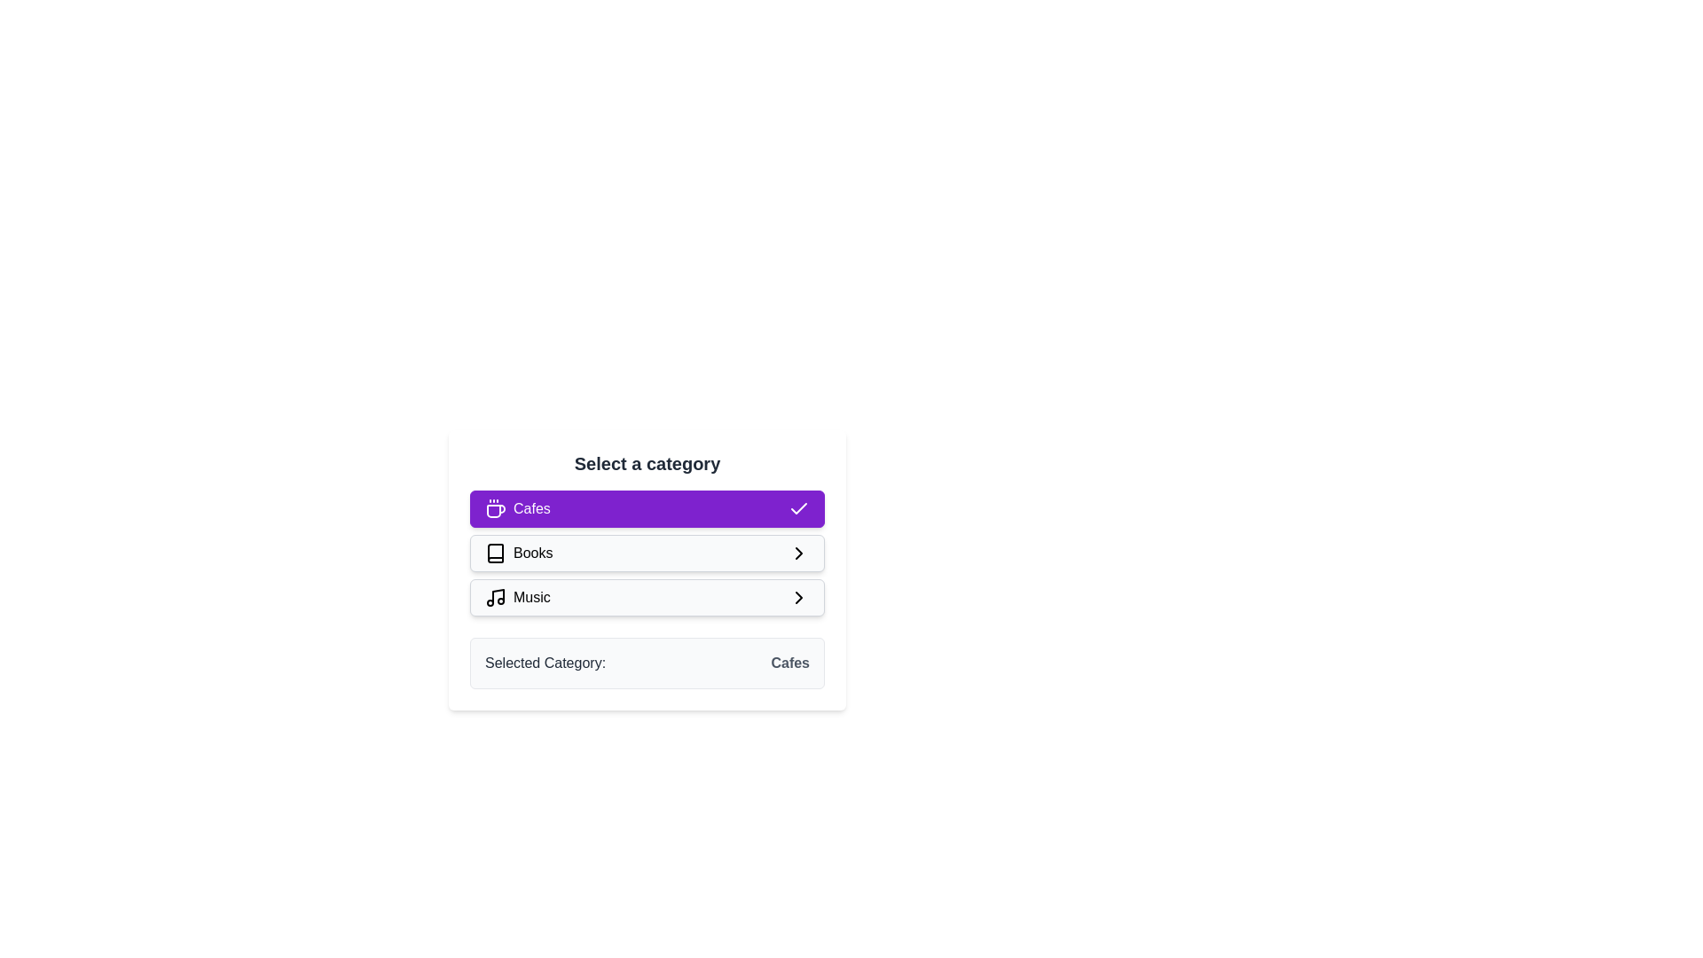 The image size is (1703, 958). Describe the element at coordinates (516, 598) in the screenshot. I see `the 'Music' menu option, which is the third item in the vertical menu list titled 'Select a category', located below 'Books' and above the last item with a right-facing chevron icon` at that location.